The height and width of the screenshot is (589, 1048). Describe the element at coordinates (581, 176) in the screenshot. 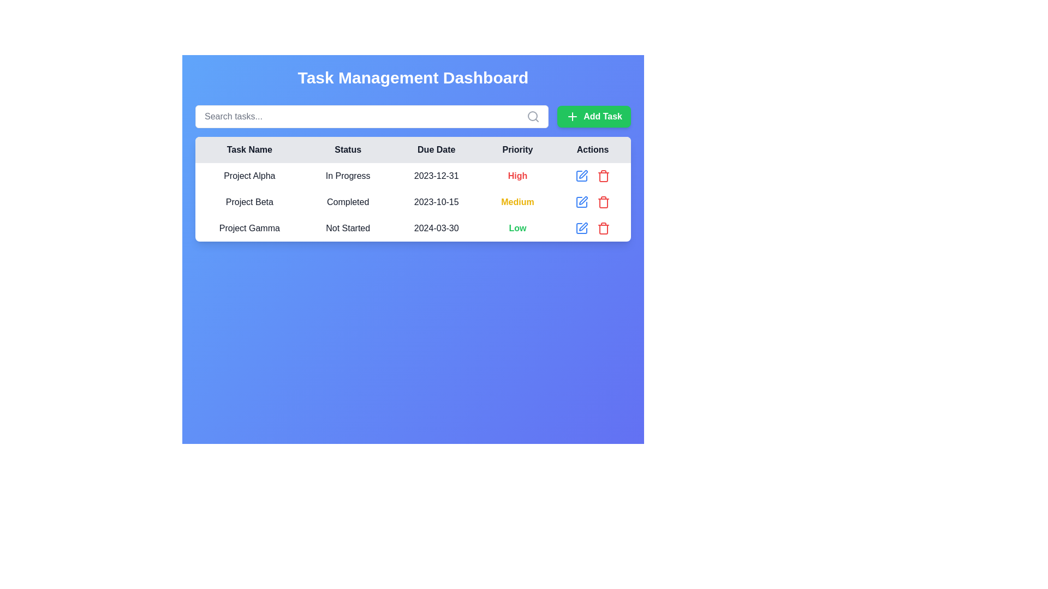

I see `the blue edit icon button located in the 'Actions' column of the first row of the task table` at that location.